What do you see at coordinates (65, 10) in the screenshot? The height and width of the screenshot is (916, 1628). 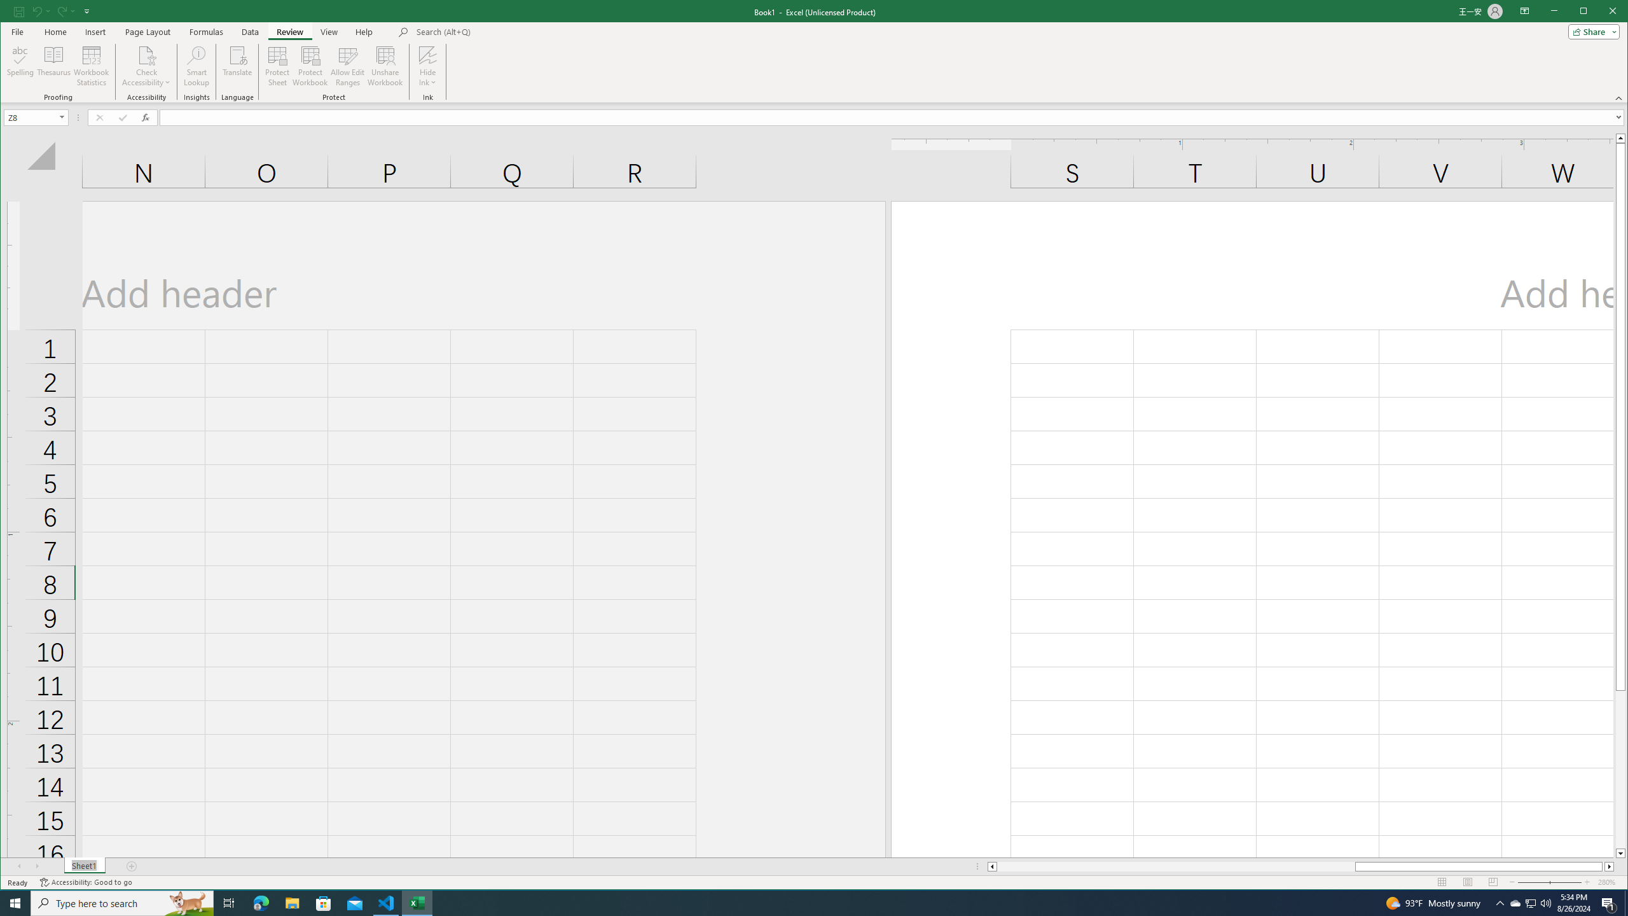 I see `'Redo'` at bounding box center [65, 10].